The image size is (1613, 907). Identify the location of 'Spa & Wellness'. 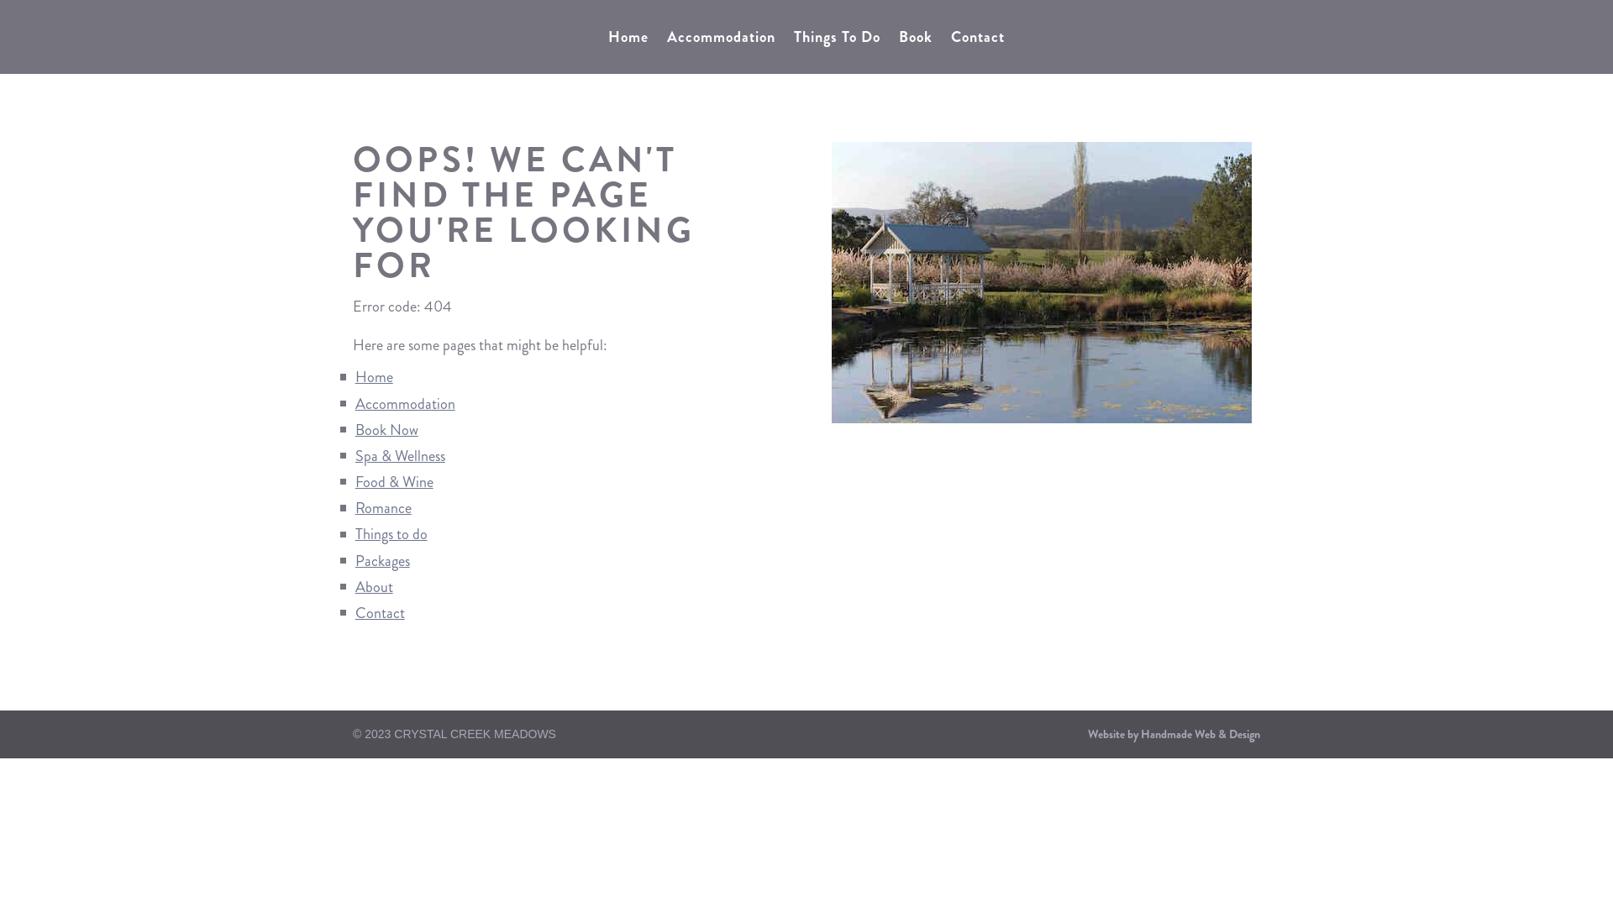
(399, 456).